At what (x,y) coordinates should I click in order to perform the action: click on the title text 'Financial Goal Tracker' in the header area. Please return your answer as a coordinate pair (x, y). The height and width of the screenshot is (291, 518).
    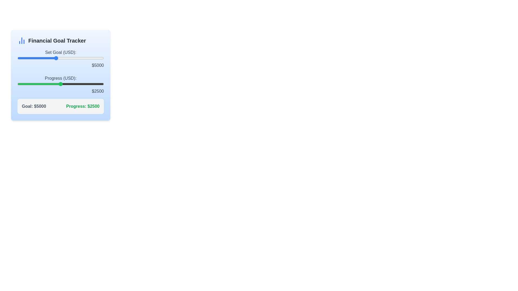
    Looking at the image, I should click on (57, 40).